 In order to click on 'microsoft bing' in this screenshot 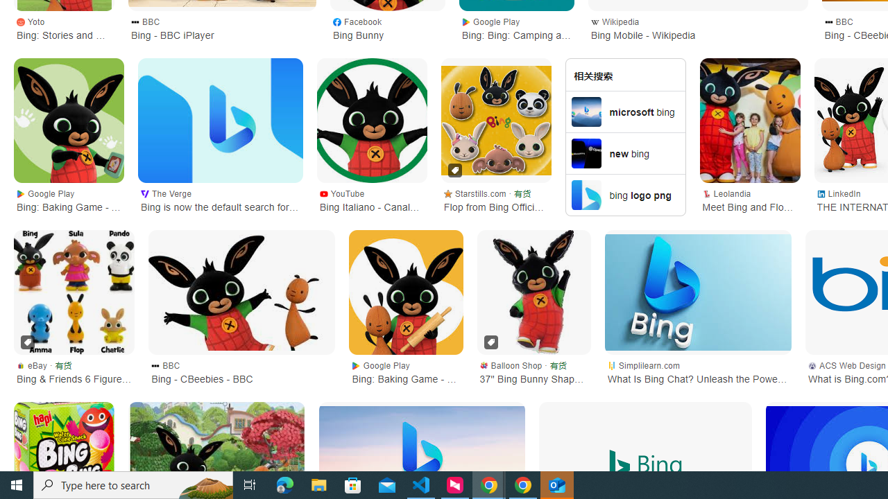, I will do `click(624, 110)`.